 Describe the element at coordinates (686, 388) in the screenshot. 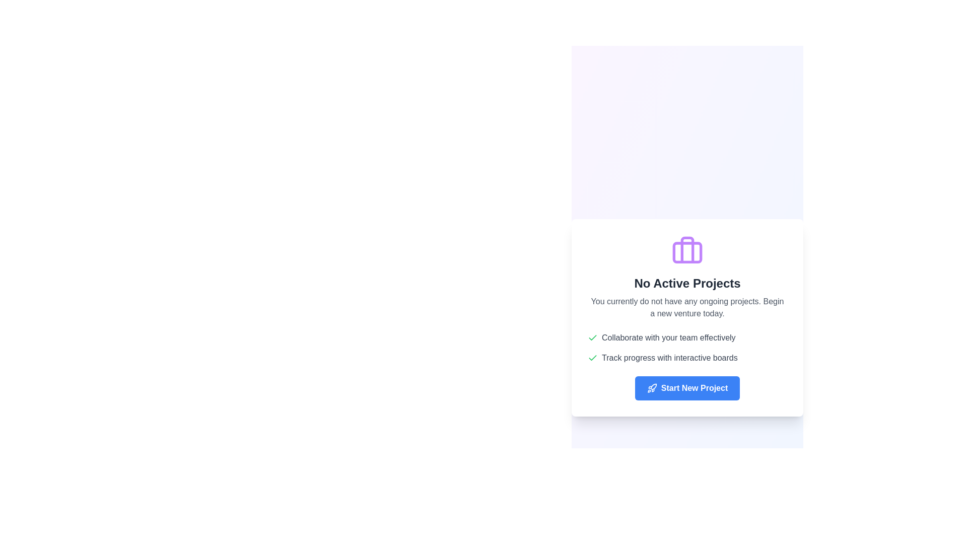

I see `the 'Start New Project' button with a bright blue background and a rocket icon` at that location.